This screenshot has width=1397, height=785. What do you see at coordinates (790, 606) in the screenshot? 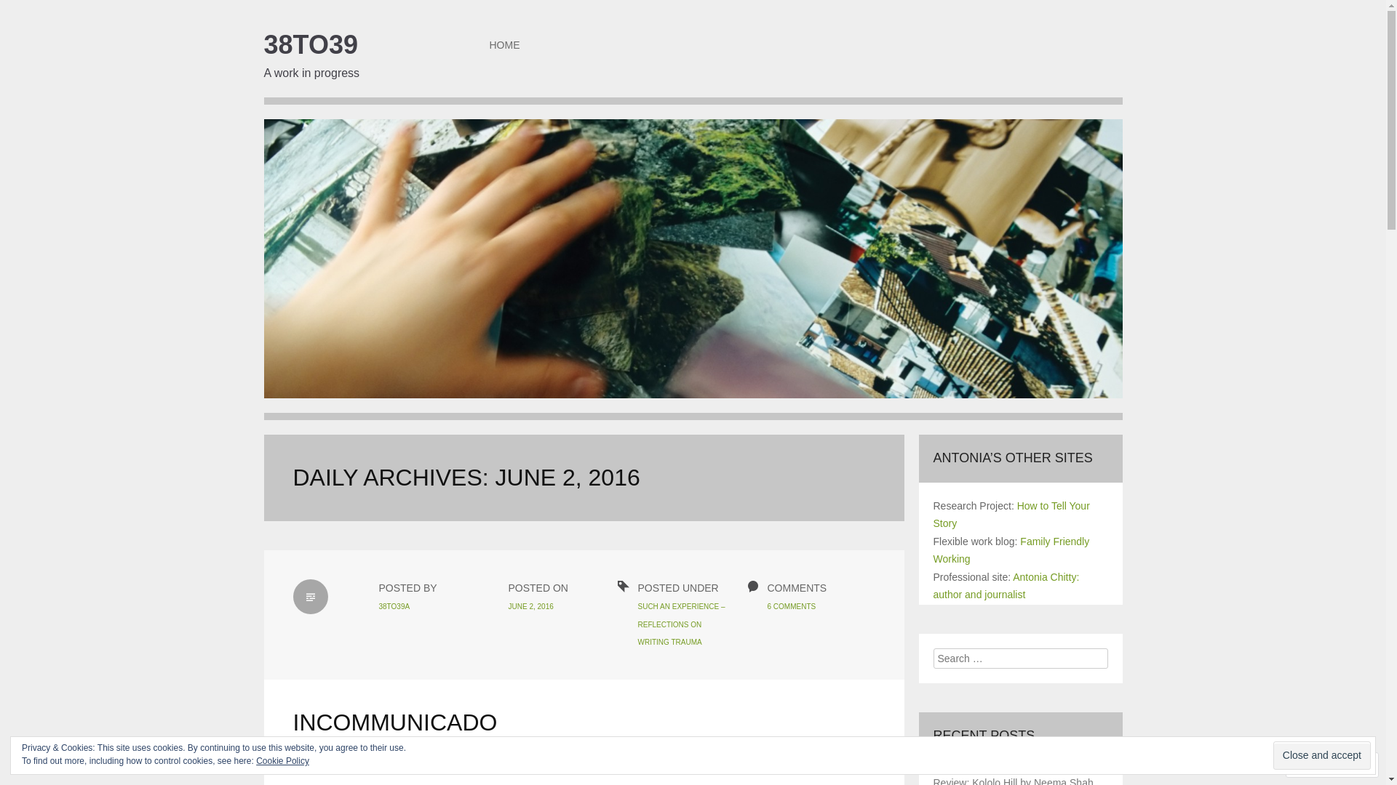
I see `'6 COMMENTS'` at bounding box center [790, 606].